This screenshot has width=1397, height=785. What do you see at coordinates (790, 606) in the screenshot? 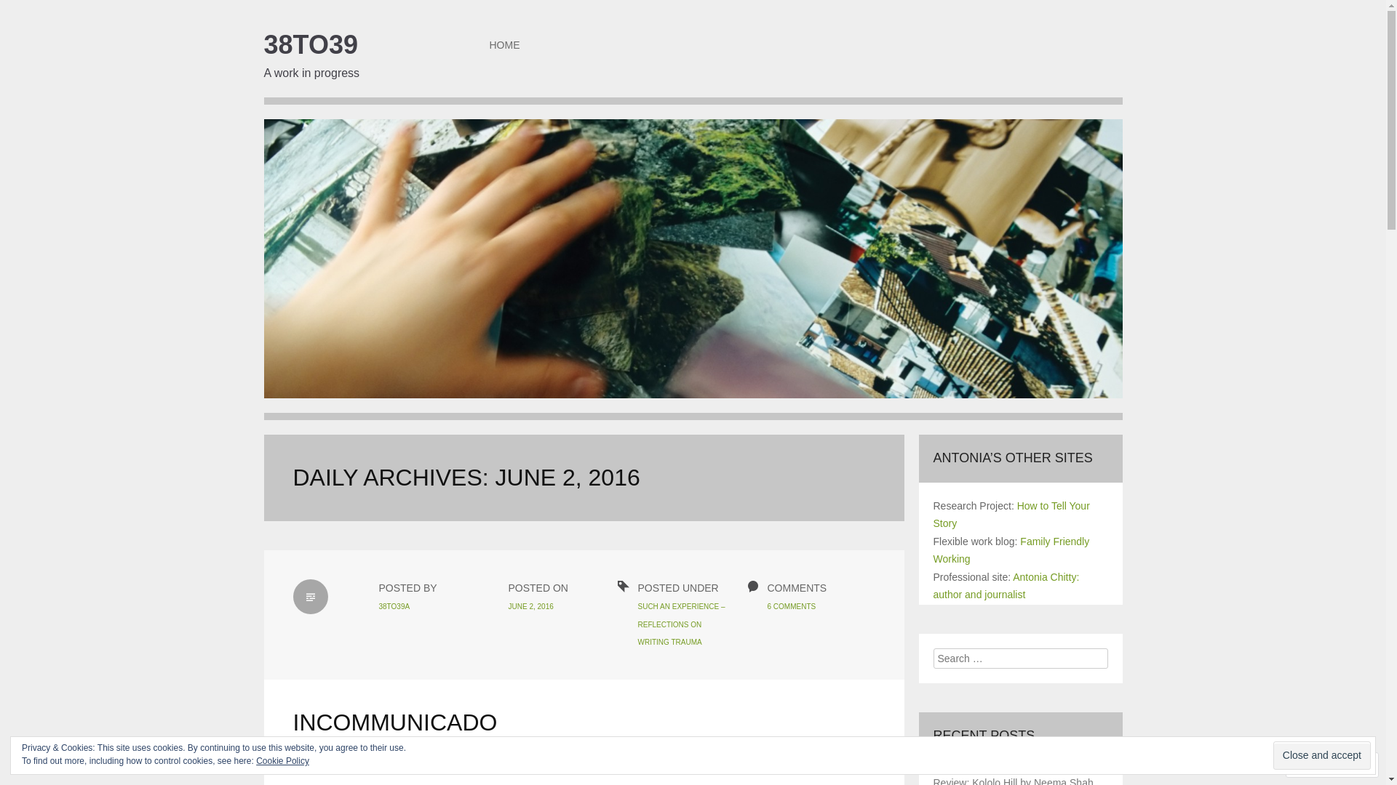
I see `'6 COMMENTS'` at bounding box center [790, 606].